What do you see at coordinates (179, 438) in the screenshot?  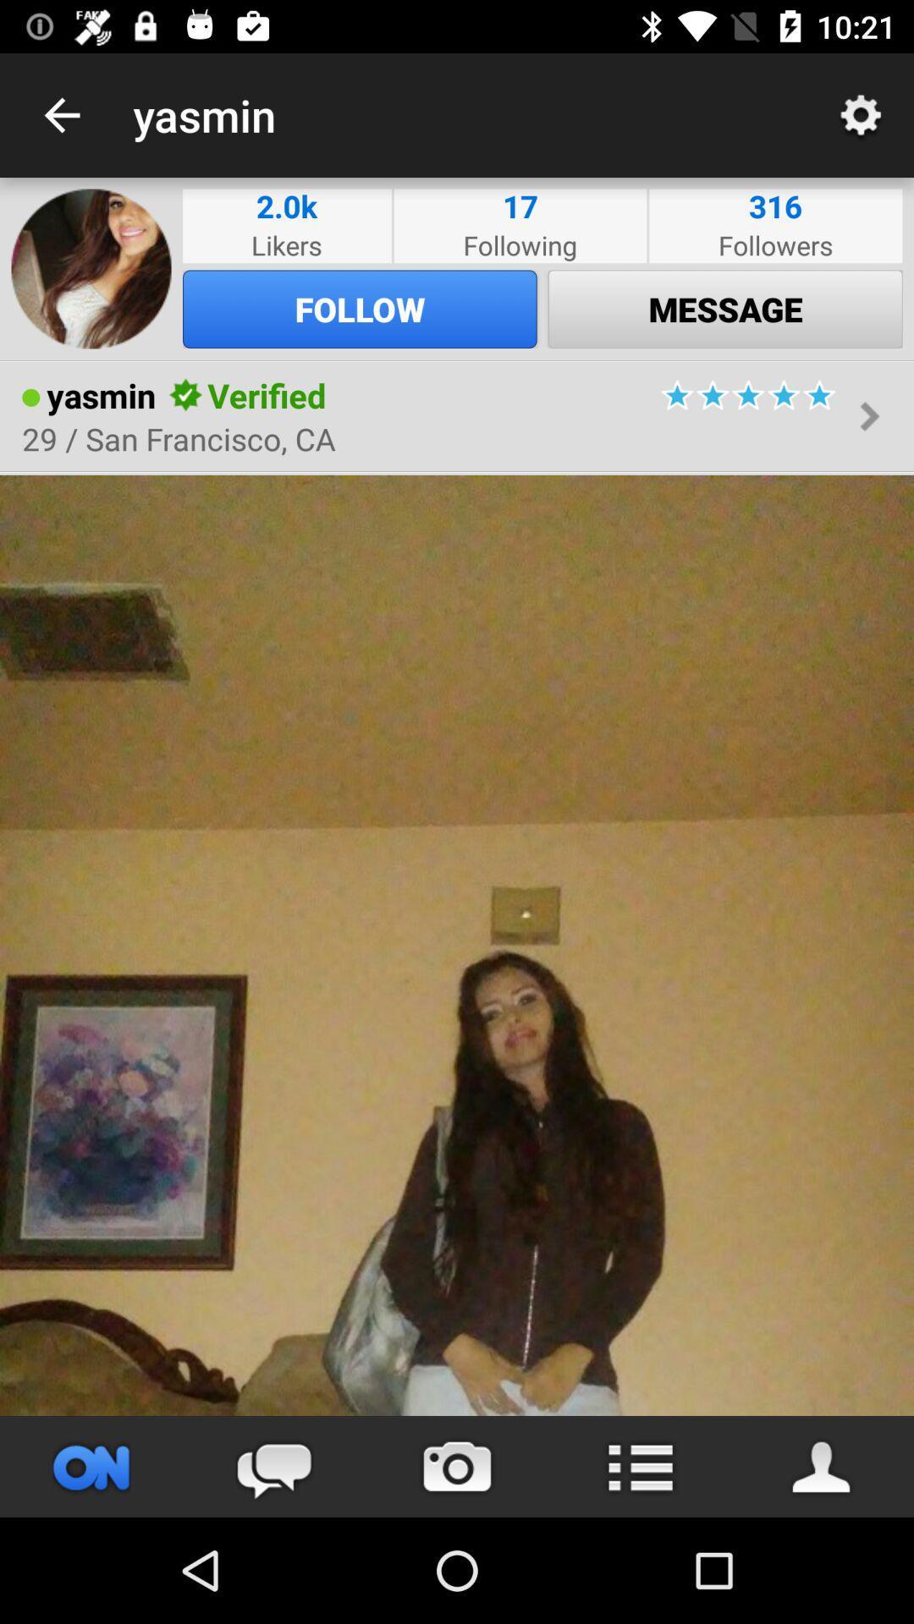 I see `icon below the yasmin` at bounding box center [179, 438].